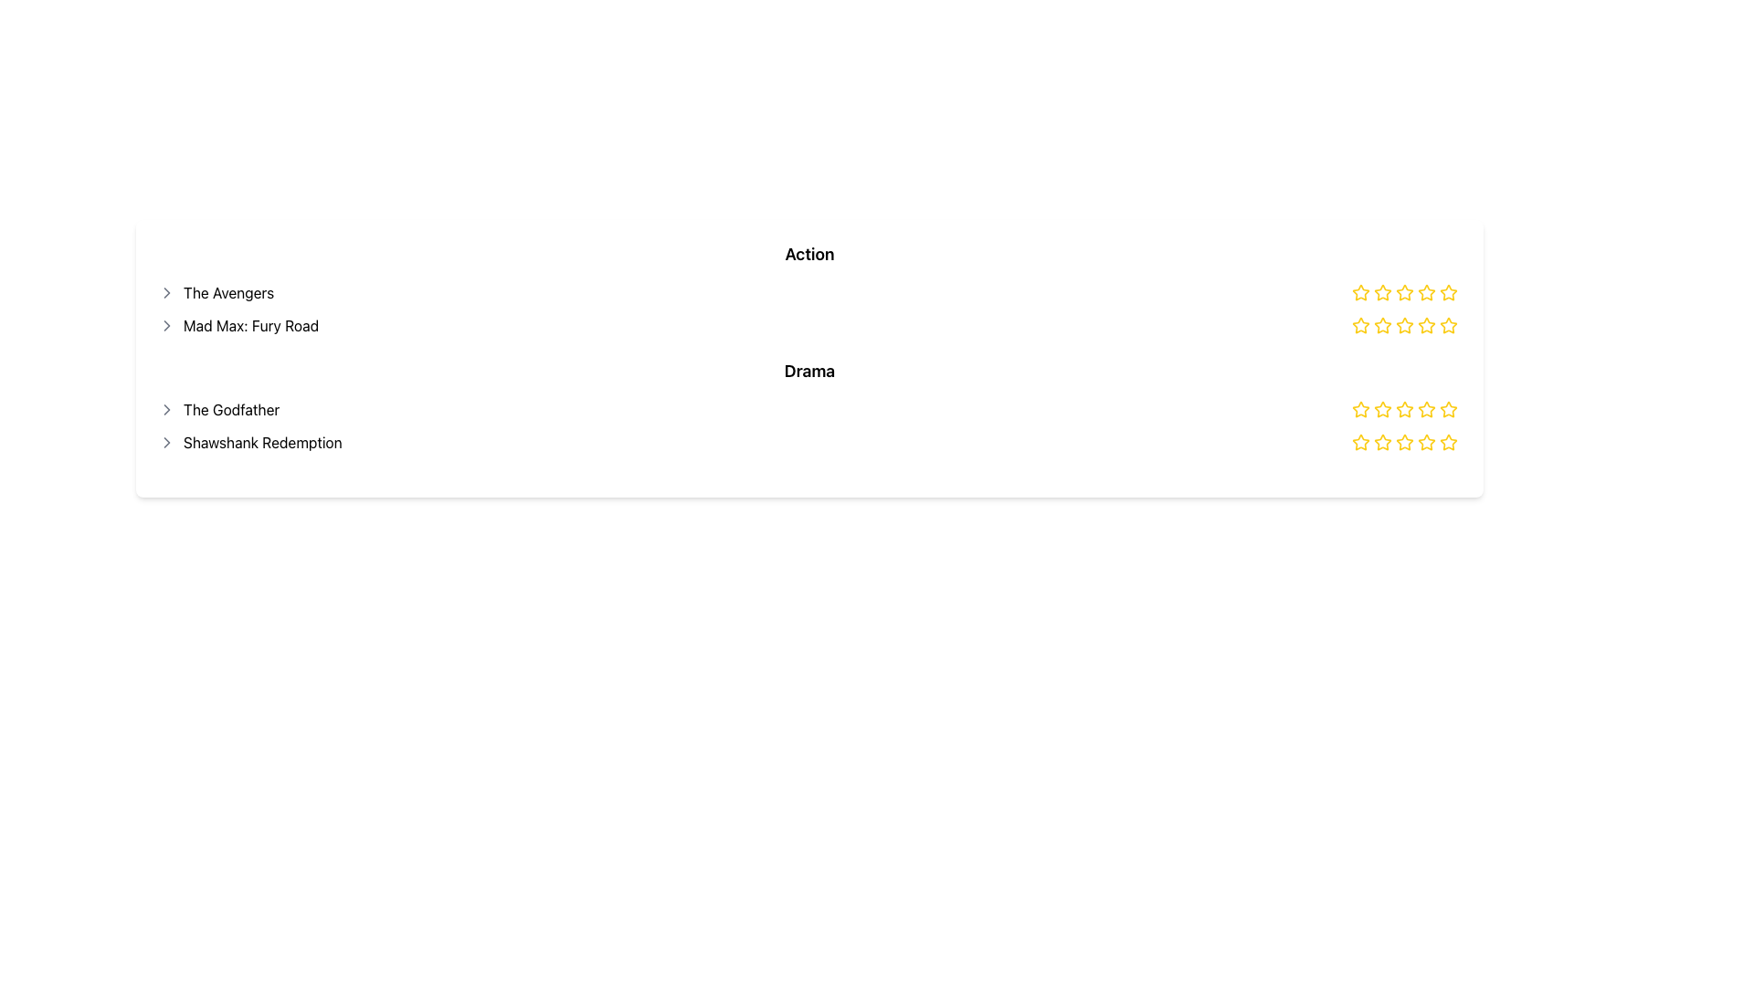 The height and width of the screenshot is (986, 1754). What do you see at coordinates (1406, 443) in the screenshot?
I see `the star rating control for the movie 'Shawshank Redemption'` at bounding box center [1406, 443].